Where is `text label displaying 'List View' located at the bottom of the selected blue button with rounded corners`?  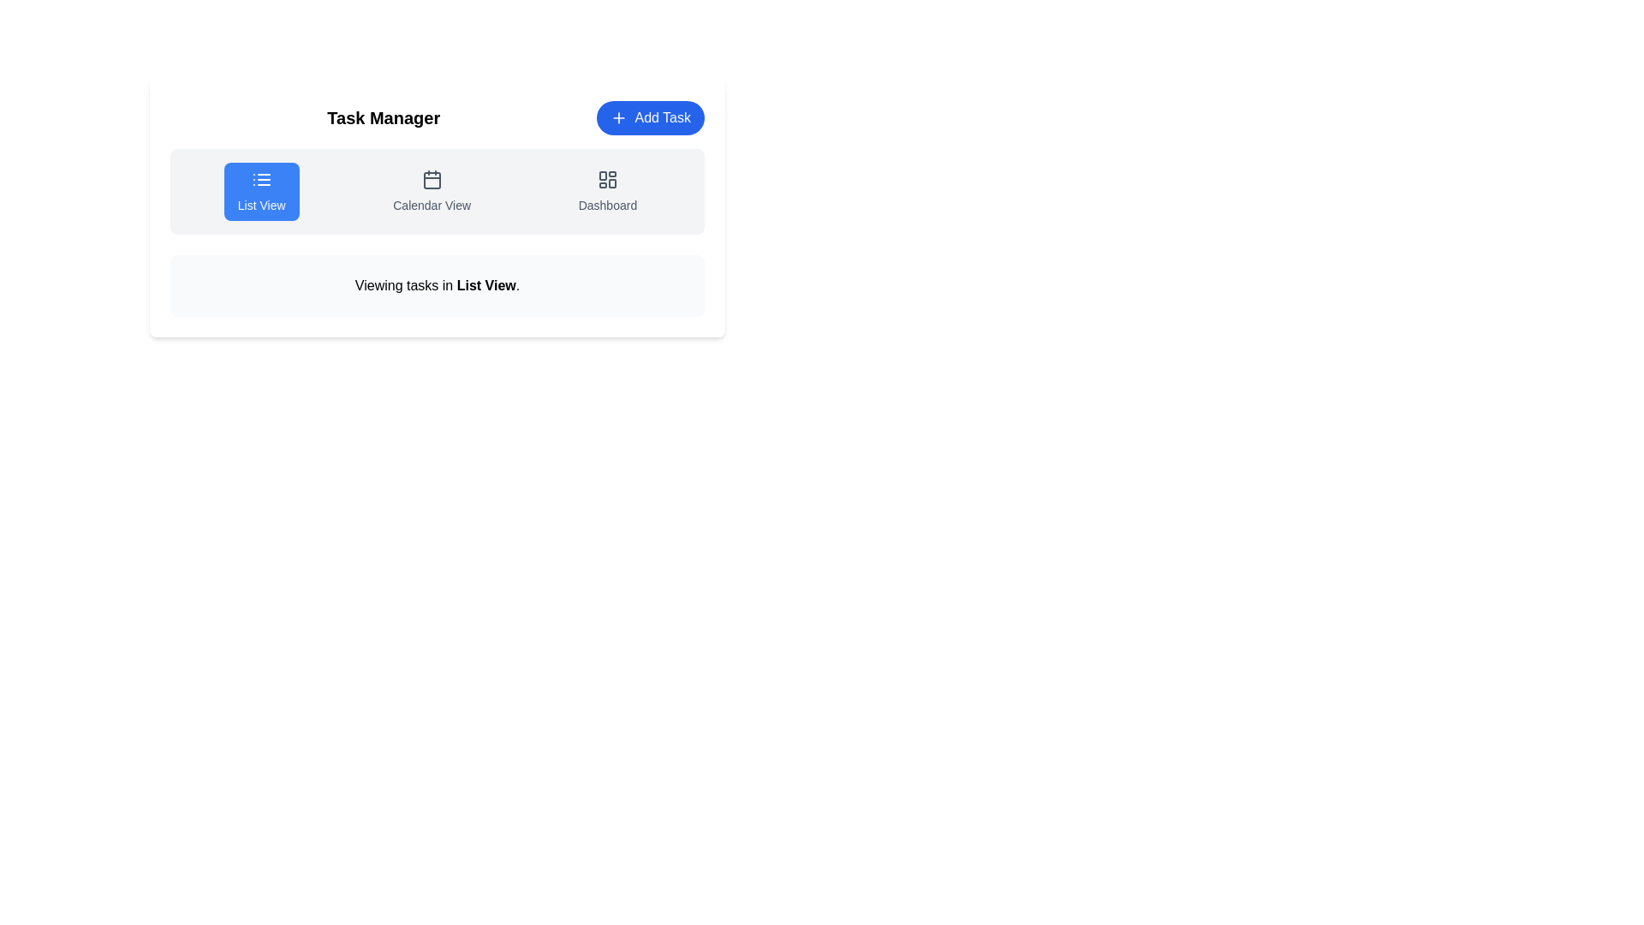
text label displaying 'List View' located at the bottom of the selected blue button with rounded corners is located at coordinates (260, 204).